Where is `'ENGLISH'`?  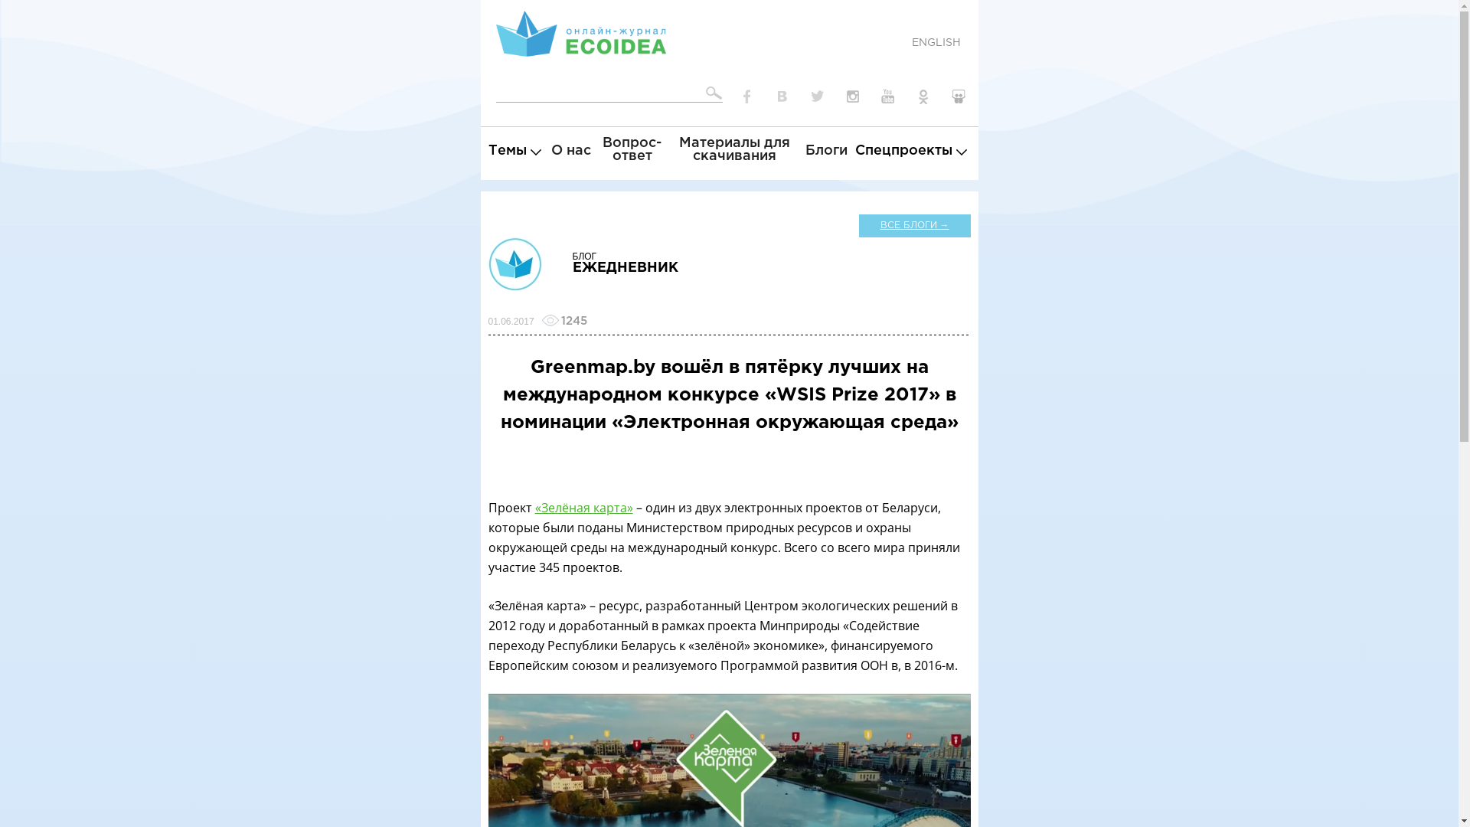
'ENGLISH' is located at coordinates (935, 42).